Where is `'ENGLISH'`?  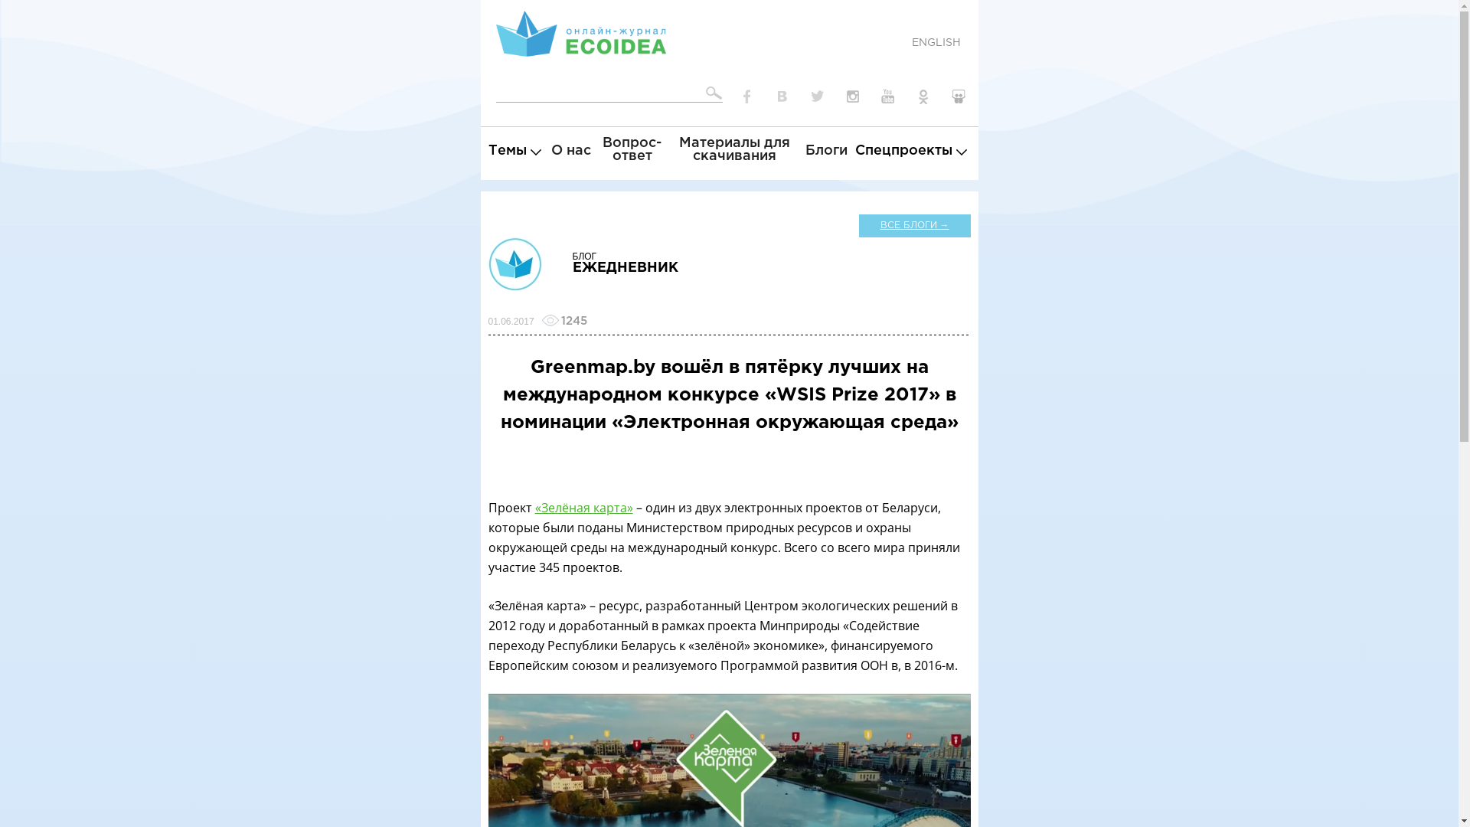
'ENGLISH' is located at coordinates (935, 42).